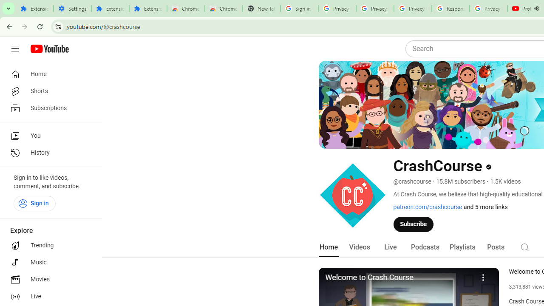 The image size is (544, 306). I want to click on 'YouTube Home', so click(49, 49).